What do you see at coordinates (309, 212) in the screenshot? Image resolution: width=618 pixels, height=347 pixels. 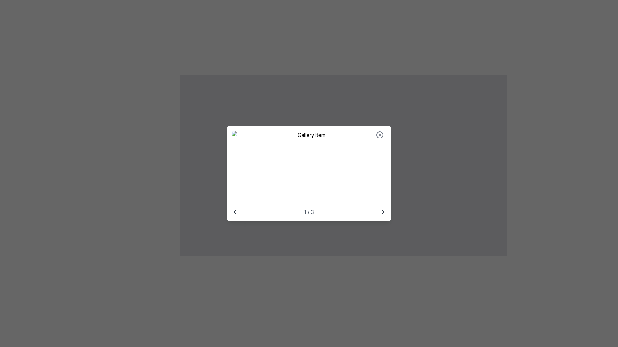 I see `the text label indicating the current position in a series, showing '1 / 3', which is centered between navigational arrows in the modal box` at bounding box center [309, 212].